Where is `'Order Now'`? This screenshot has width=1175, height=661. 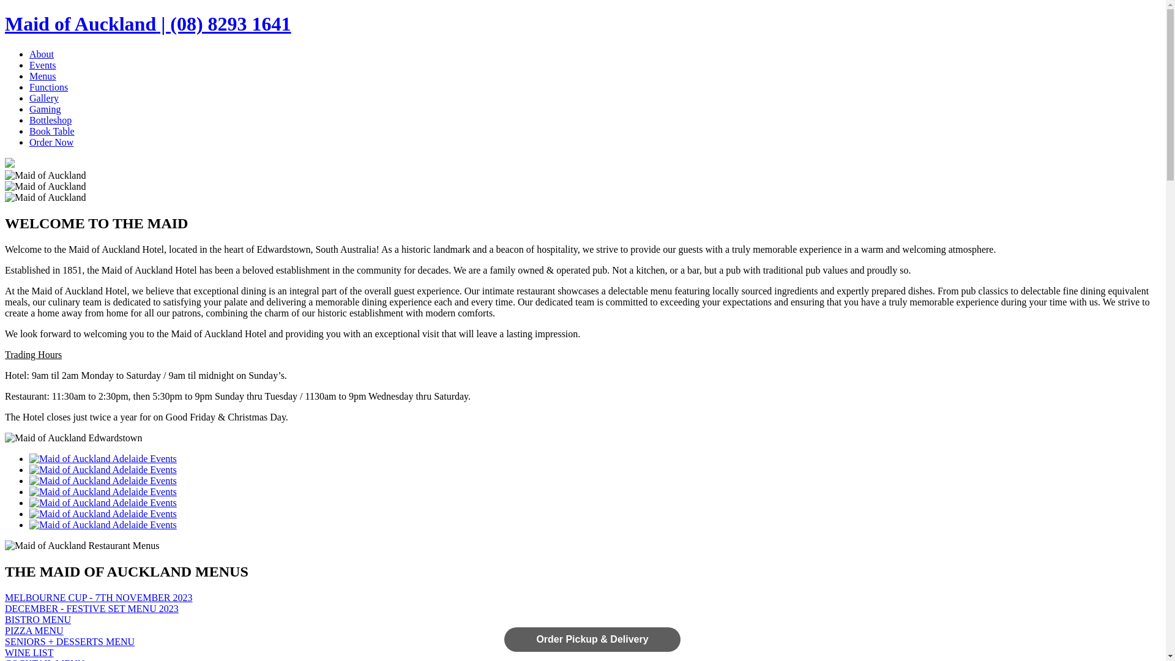 'Order Now' is located at coordinates (50, 141).